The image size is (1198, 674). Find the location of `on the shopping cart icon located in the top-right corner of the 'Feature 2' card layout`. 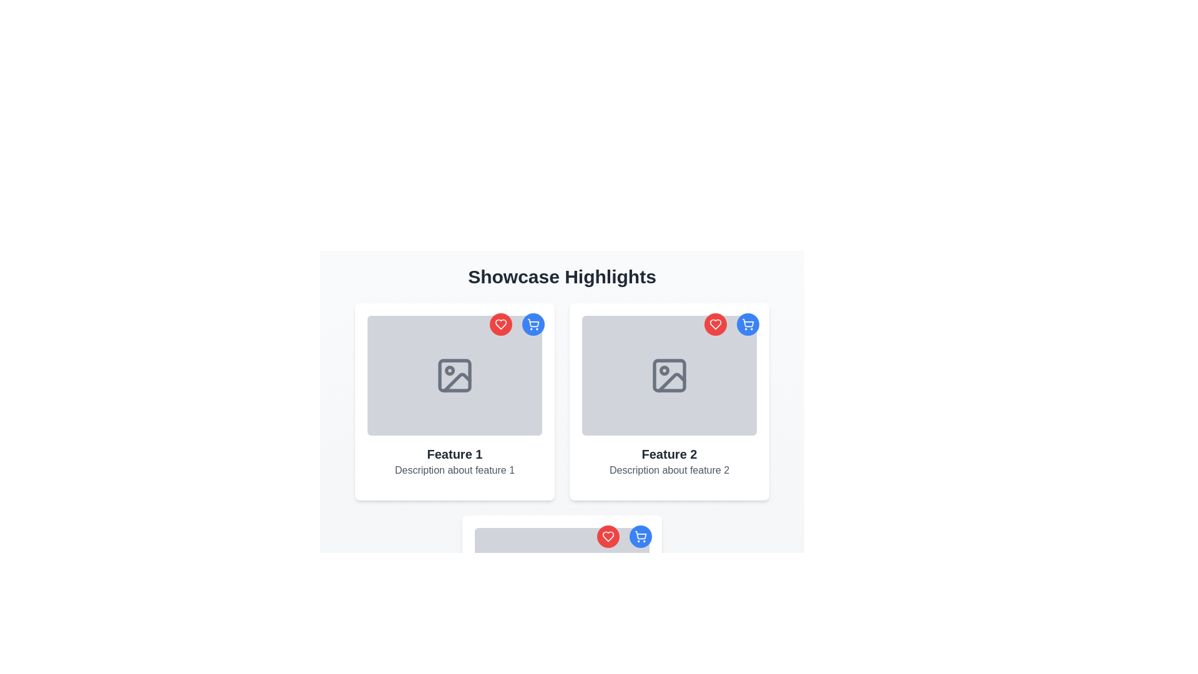

on the shopping cart icon located in the top-right corner of the 'Feature 2' card layout is located at coordinates (748, 322).